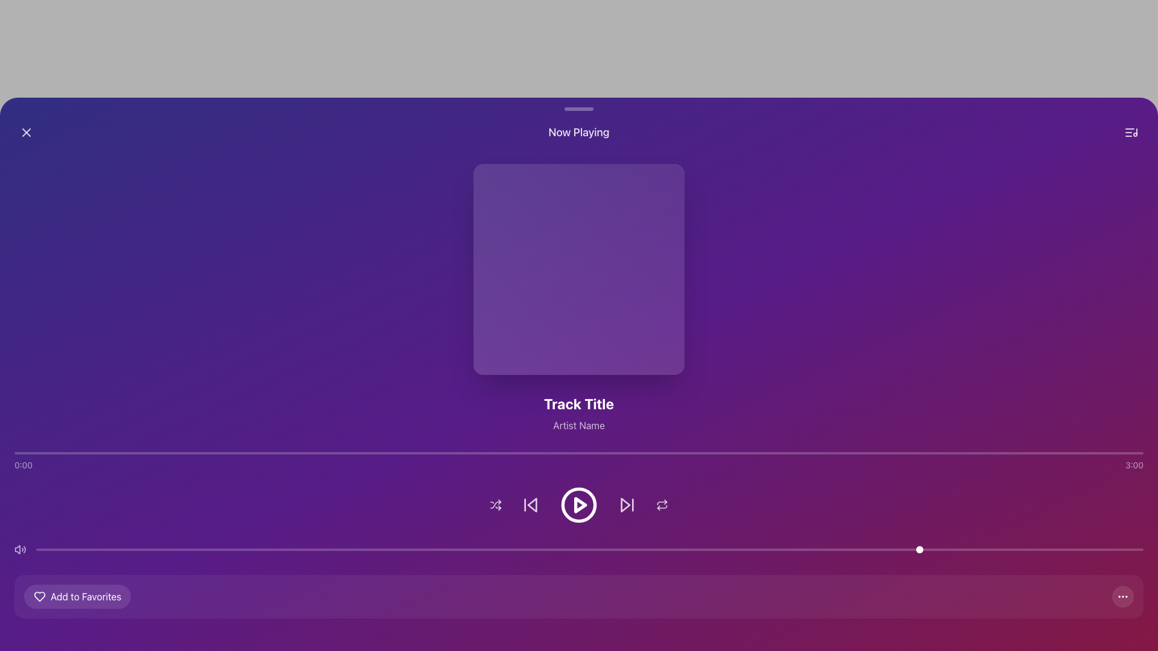 This screenshot has width=1158, height=651. What do you see at coordinates (878, 549) in the screenshot?
I see `the slider value` at bounding box center [878, 549].